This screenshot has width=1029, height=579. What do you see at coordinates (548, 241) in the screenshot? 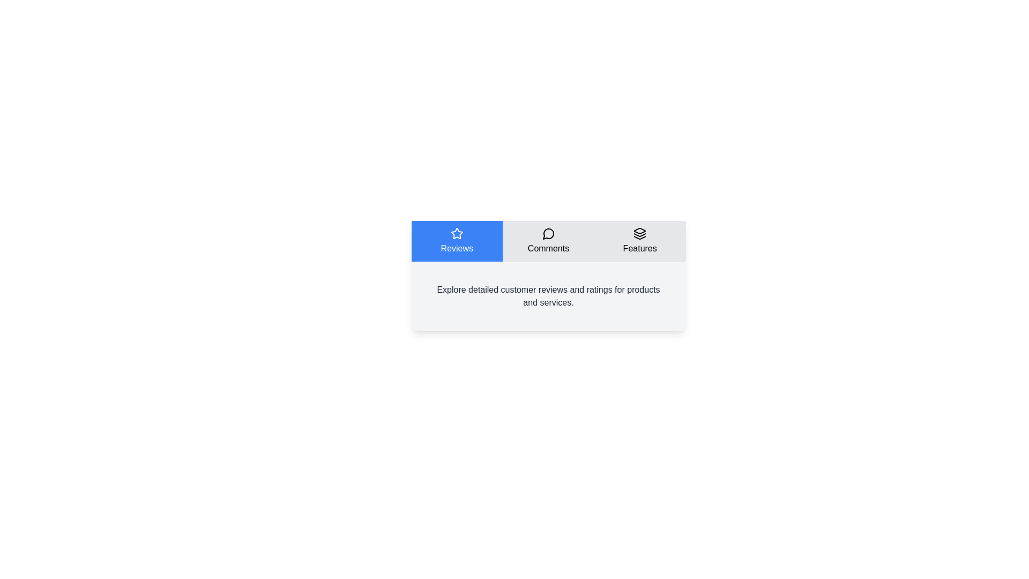
I see `the Comments tab to read its content` at bounding box center [548, 241].